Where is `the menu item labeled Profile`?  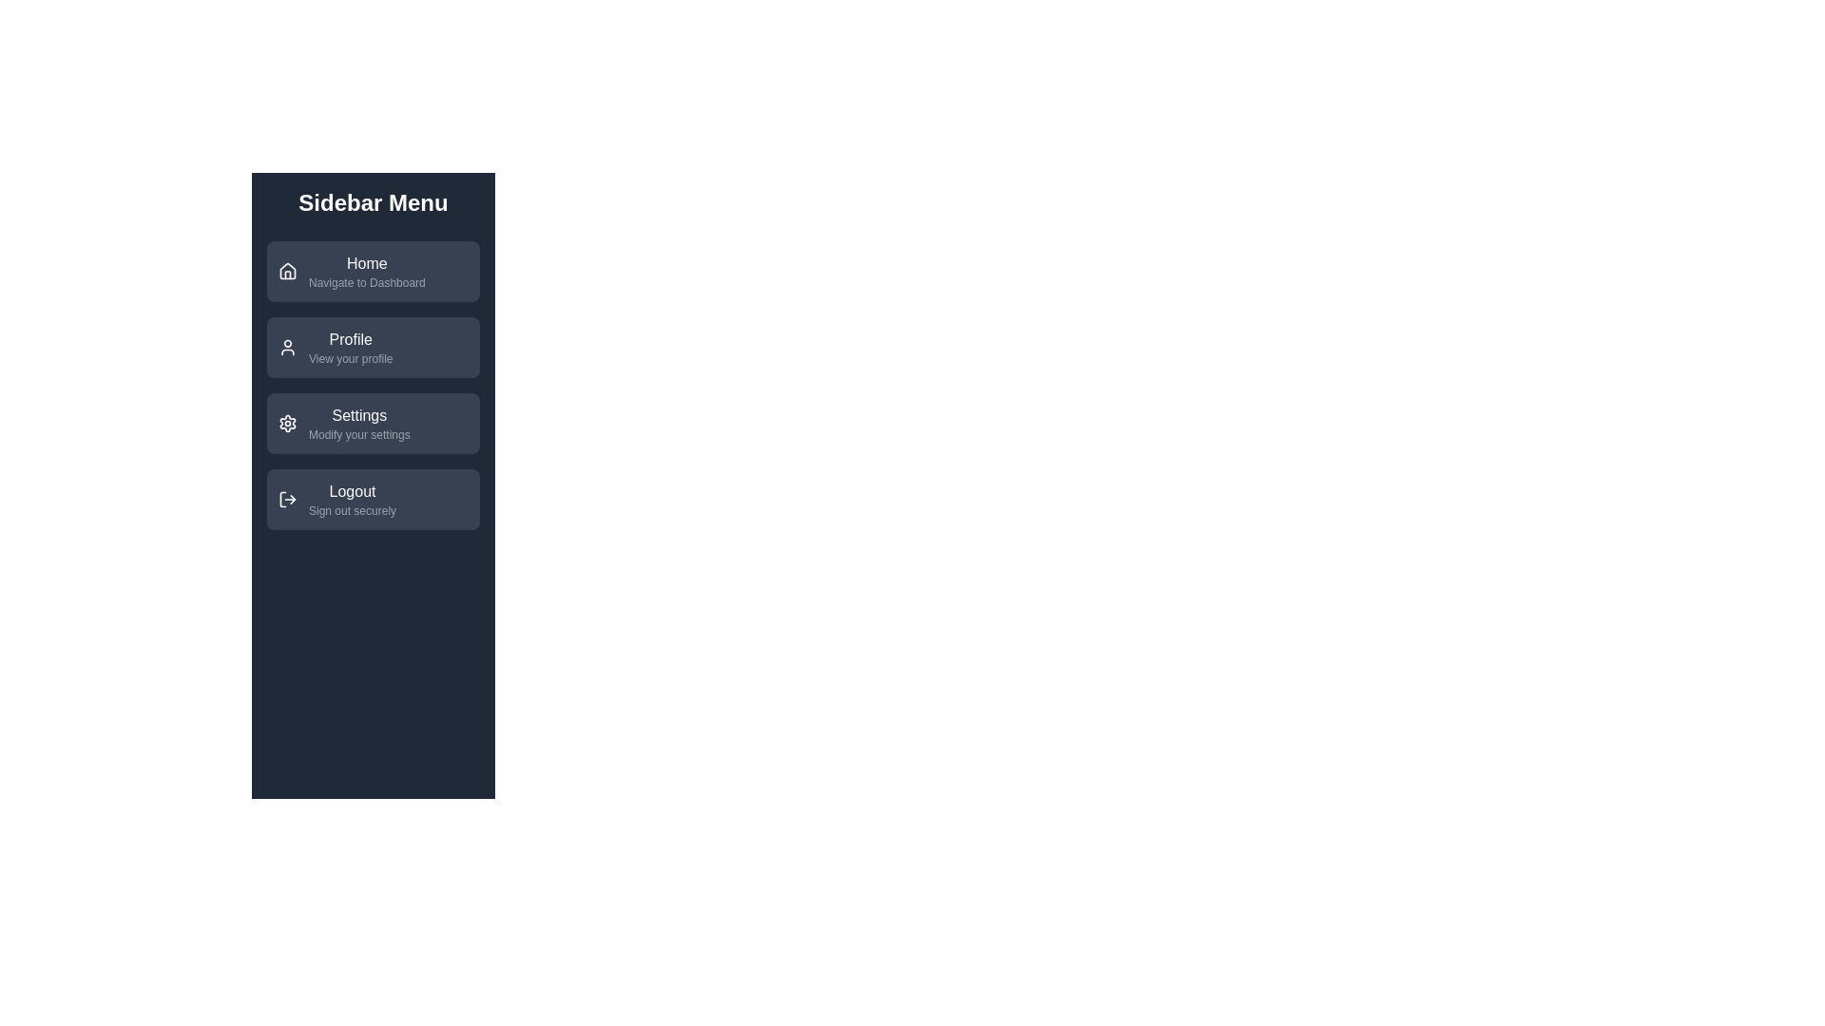
the menu item labeled Profile is located at coordinates (374, 348).